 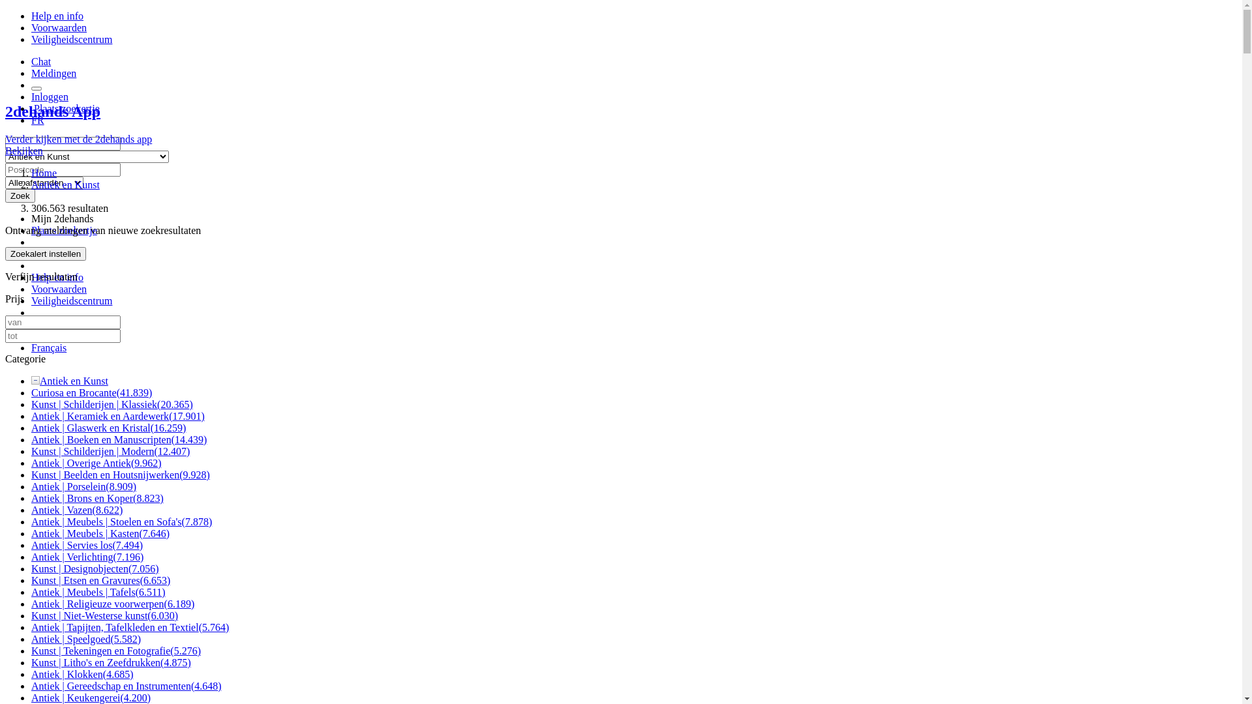 What do you see at coordinates (115, 651) in the screenshot?
I see `'Kunst | Tekeningen en Fotografie(5.276)'` at bounding box center [115, 651].